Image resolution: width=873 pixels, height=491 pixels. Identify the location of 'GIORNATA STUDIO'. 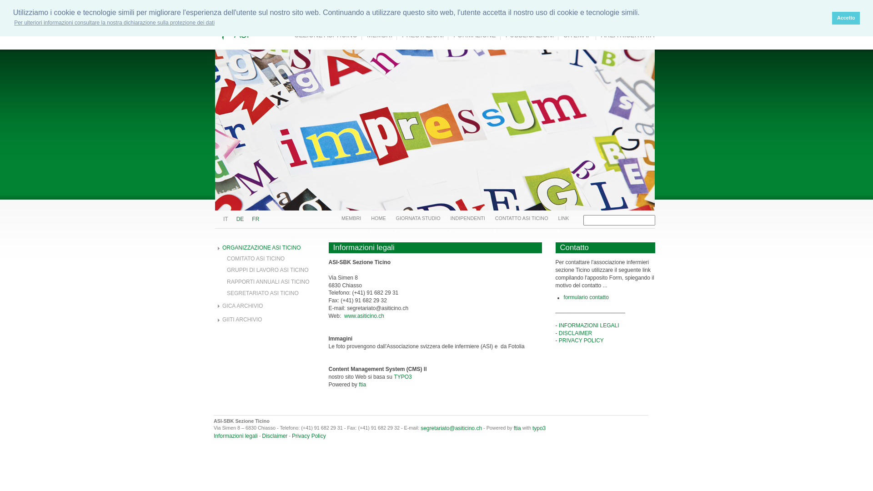
(418, 218).